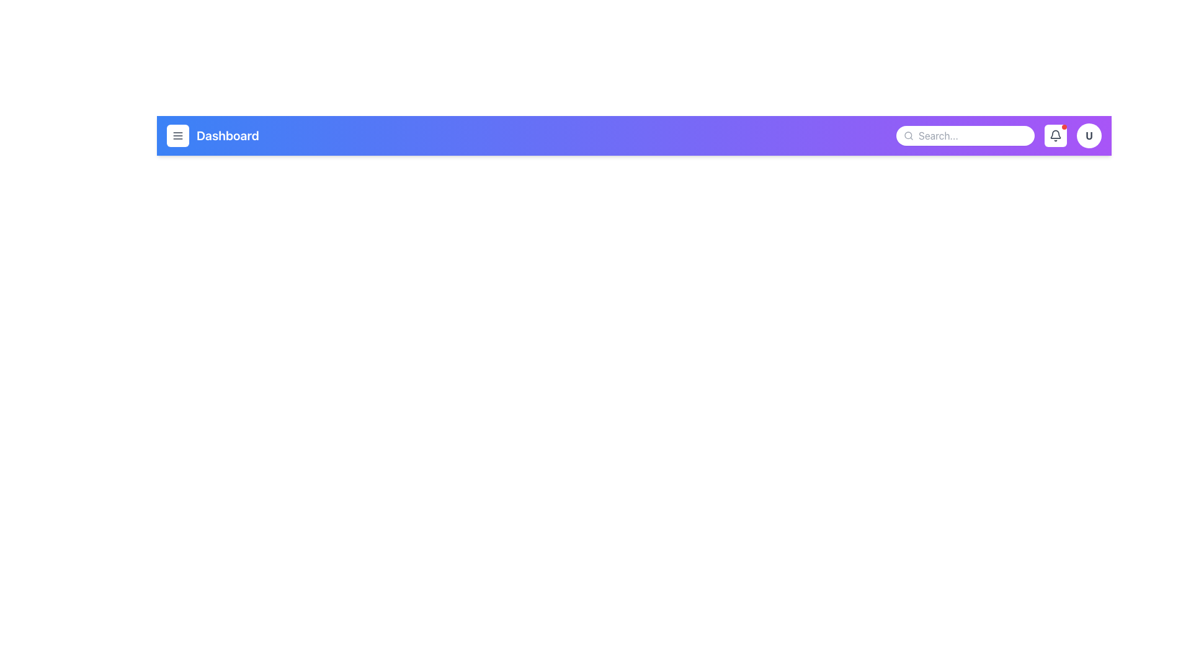 Image resolution: width=1191 pixels, height=670 pixels. Describe the element at coordinates (908, 136) in the screenshot. I see `the magnifying glass icon located on the left side of the search input box, which serves as a decorative indicator for the search functionality` at that location.